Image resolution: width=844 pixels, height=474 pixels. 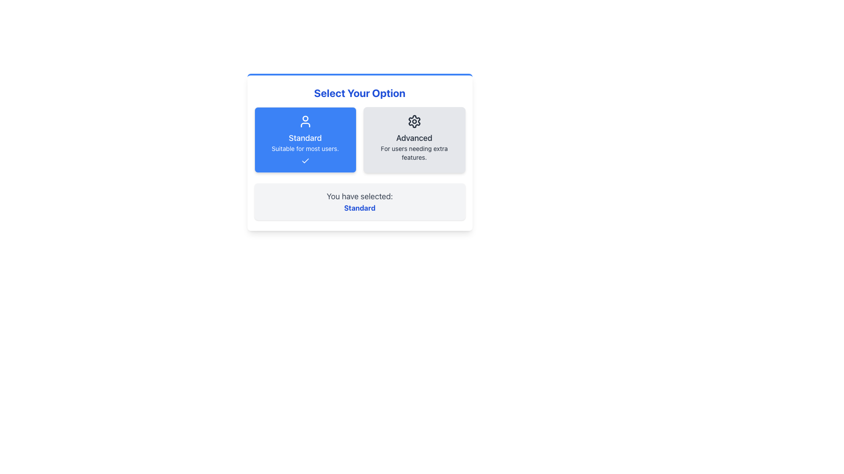 I want to click on the descriptive text element located below the 'Advanced' header in the Advanced option card, so click(x=414, y=152).